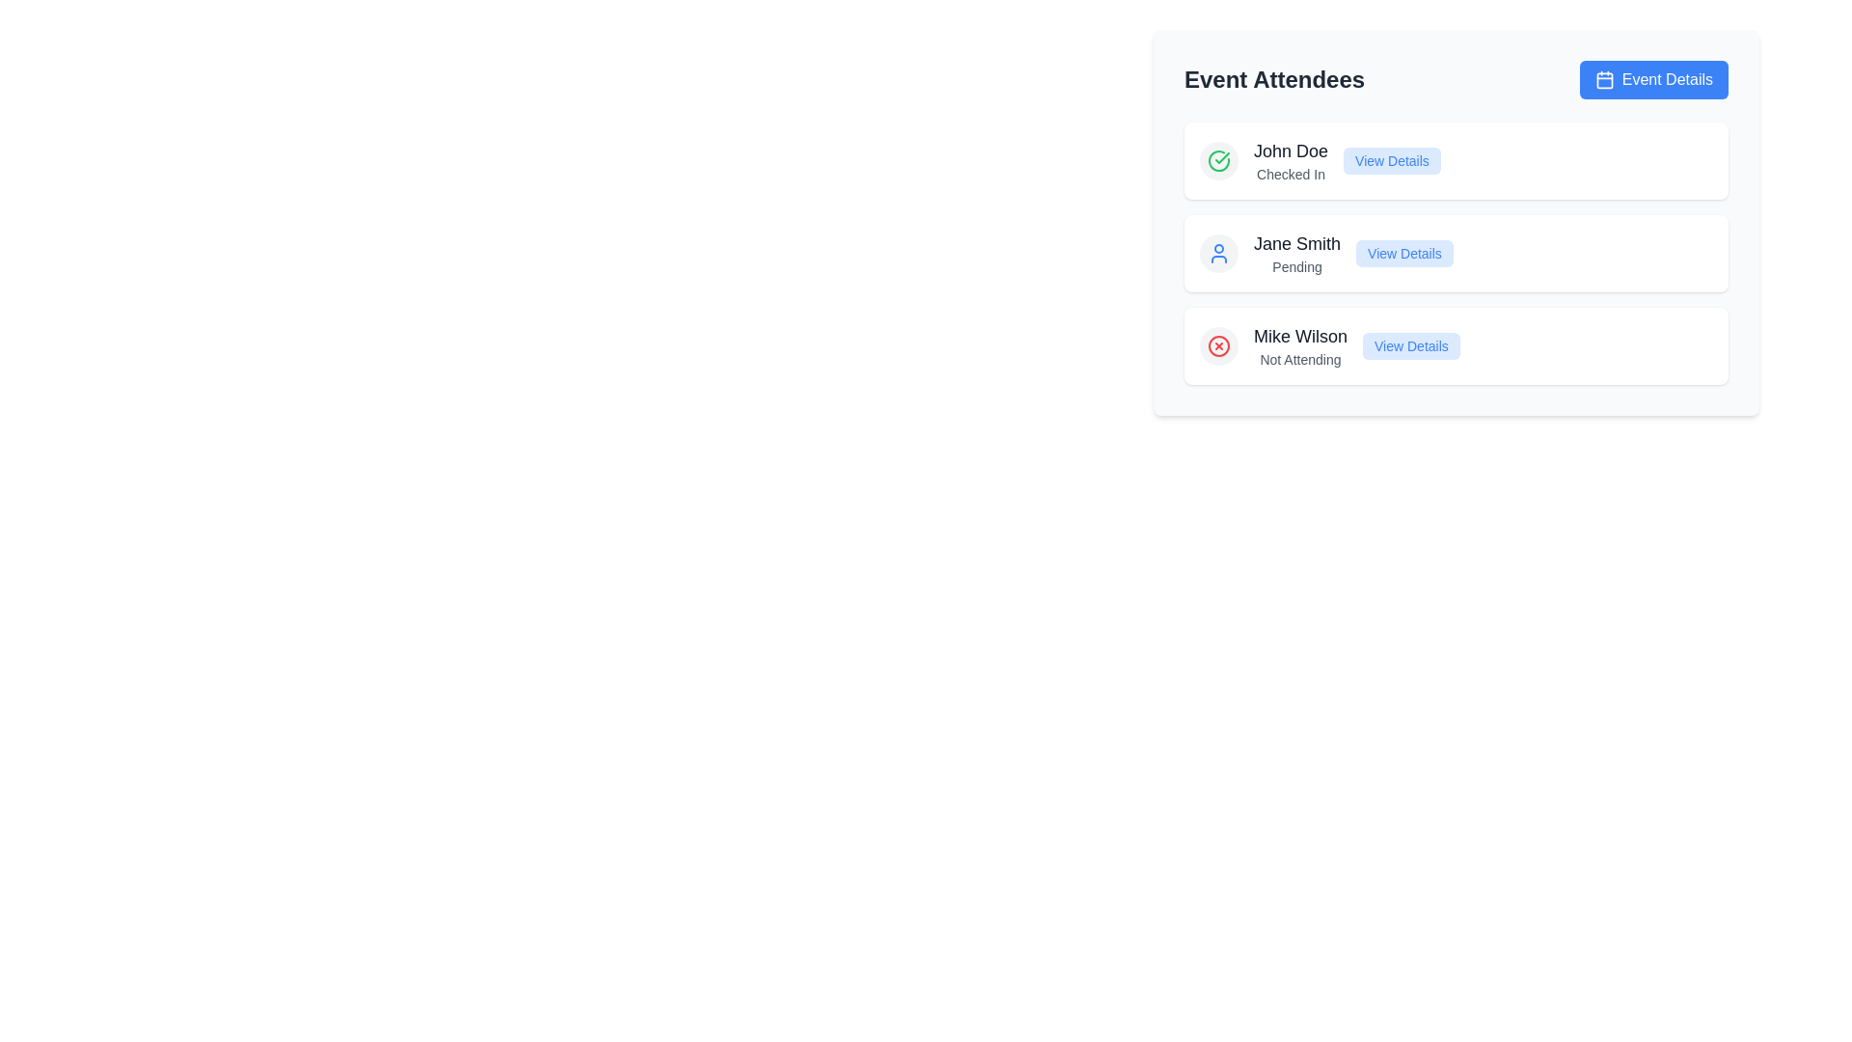 The width and height of the screenshot is (1852, 1042). Describe the element at coordinates (1217, 252) in the screenshot. I see `the user icon representing 'Jane Smith' in the event attendees list, located on the left side of the card` at that location.